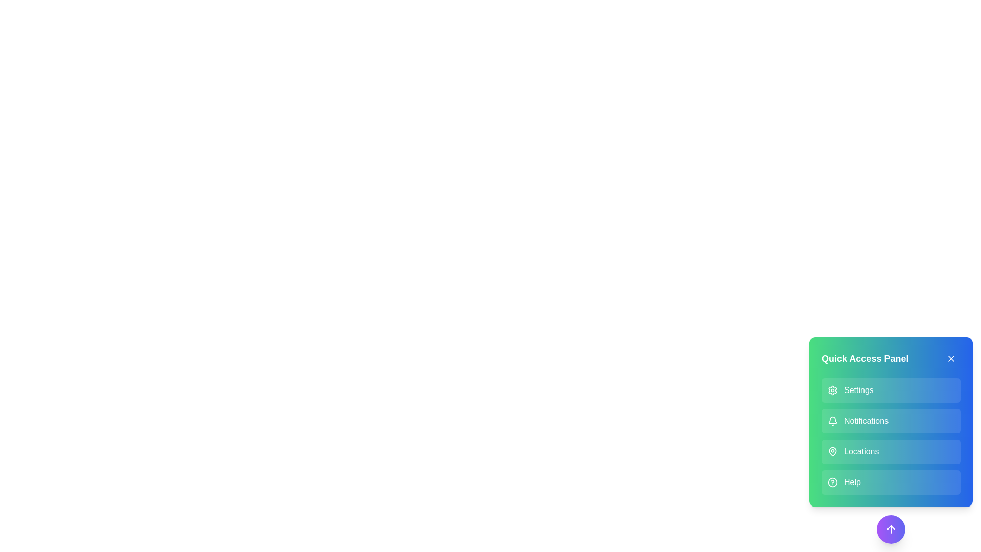 This screenshot has height=552, width=981. I want to click on the text label displaying 'Quick Access Panel', which is styled in bold and larger font, located at the top-left corner of its panel area, so click(865, 358).